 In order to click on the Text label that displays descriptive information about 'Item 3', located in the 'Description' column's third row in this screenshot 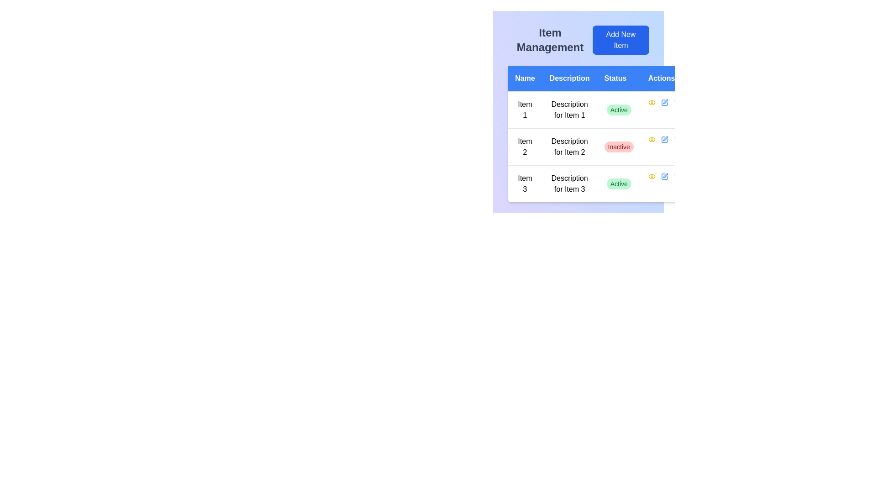, I will do `click(569, 184)`.